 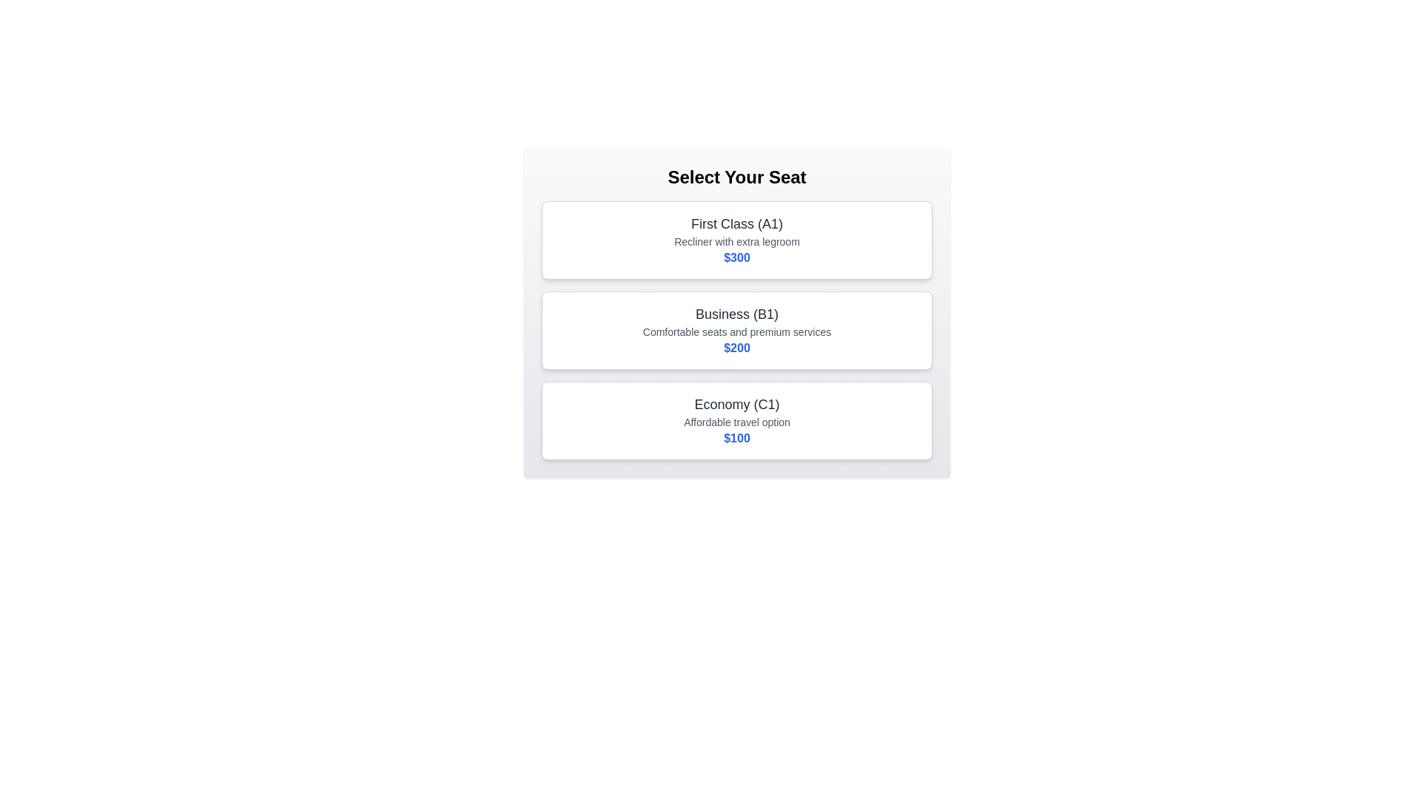 What do you see at coordinates (737, 438) in the screenshot?
I see `the text label displaying the price for the 'Economy (C1)' travel option` at bounding box center [737, 438].